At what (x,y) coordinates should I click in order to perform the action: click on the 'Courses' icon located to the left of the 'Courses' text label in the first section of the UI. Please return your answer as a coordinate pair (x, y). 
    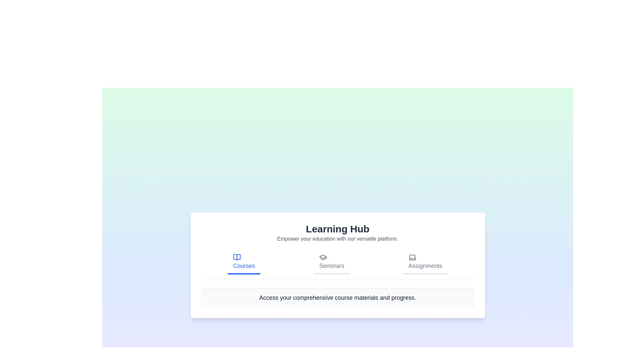
    Looking at the image, I should click on (237, 257).